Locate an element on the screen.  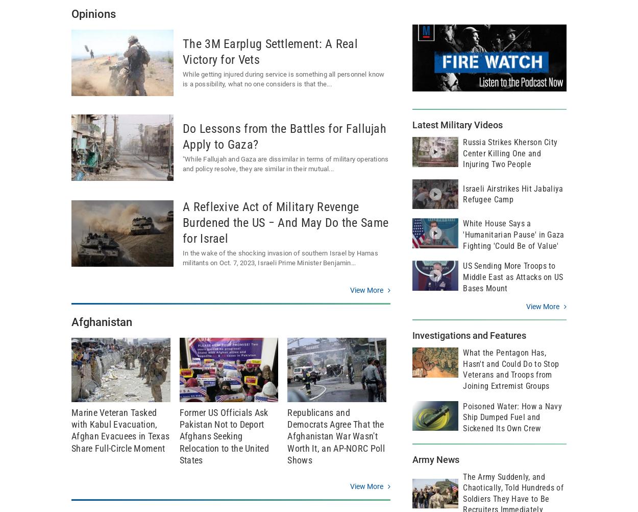
'Poisoned Water: How a Navy Ship Dumped Fuel and Sickened Its Own Crew' is located at coordinates (512, 416).